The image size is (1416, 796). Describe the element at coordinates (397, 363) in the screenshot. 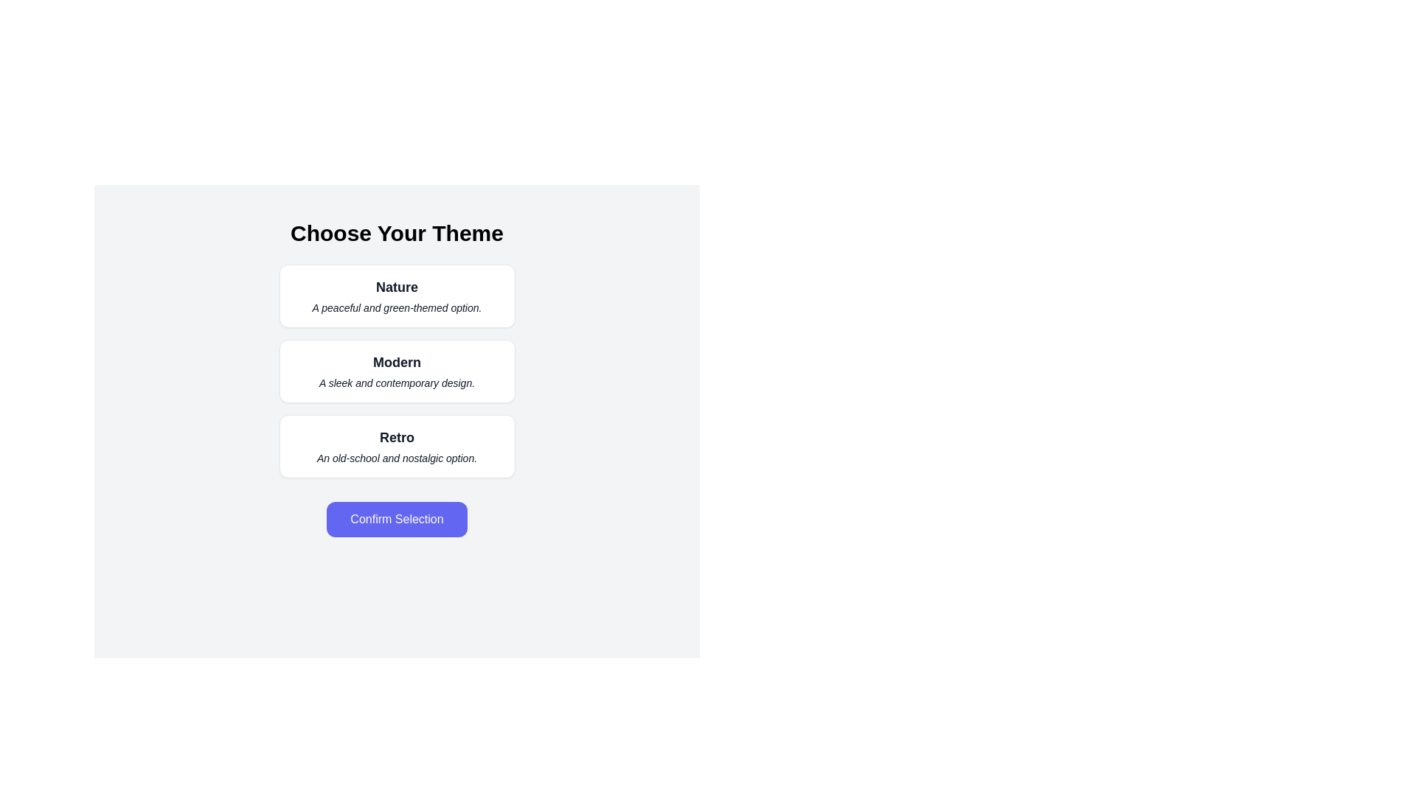

I see `text content of the Static Text element labeled 'Modern', which is styled in bold and centered within the second option card of the vertical sequence of theme cards` at that location.